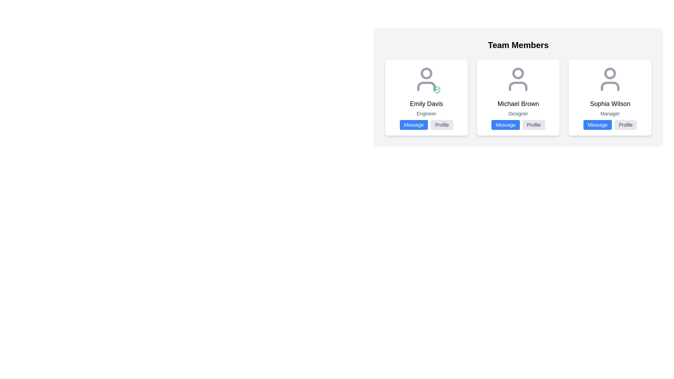 The image size is (674, 379). What do you see at coordinates (426, 124) in the screenshot?
I see `the 'Message' button located in the Group of Buttons below Emily Davis's role 'Engineer'` at bounding box center [426, 124].